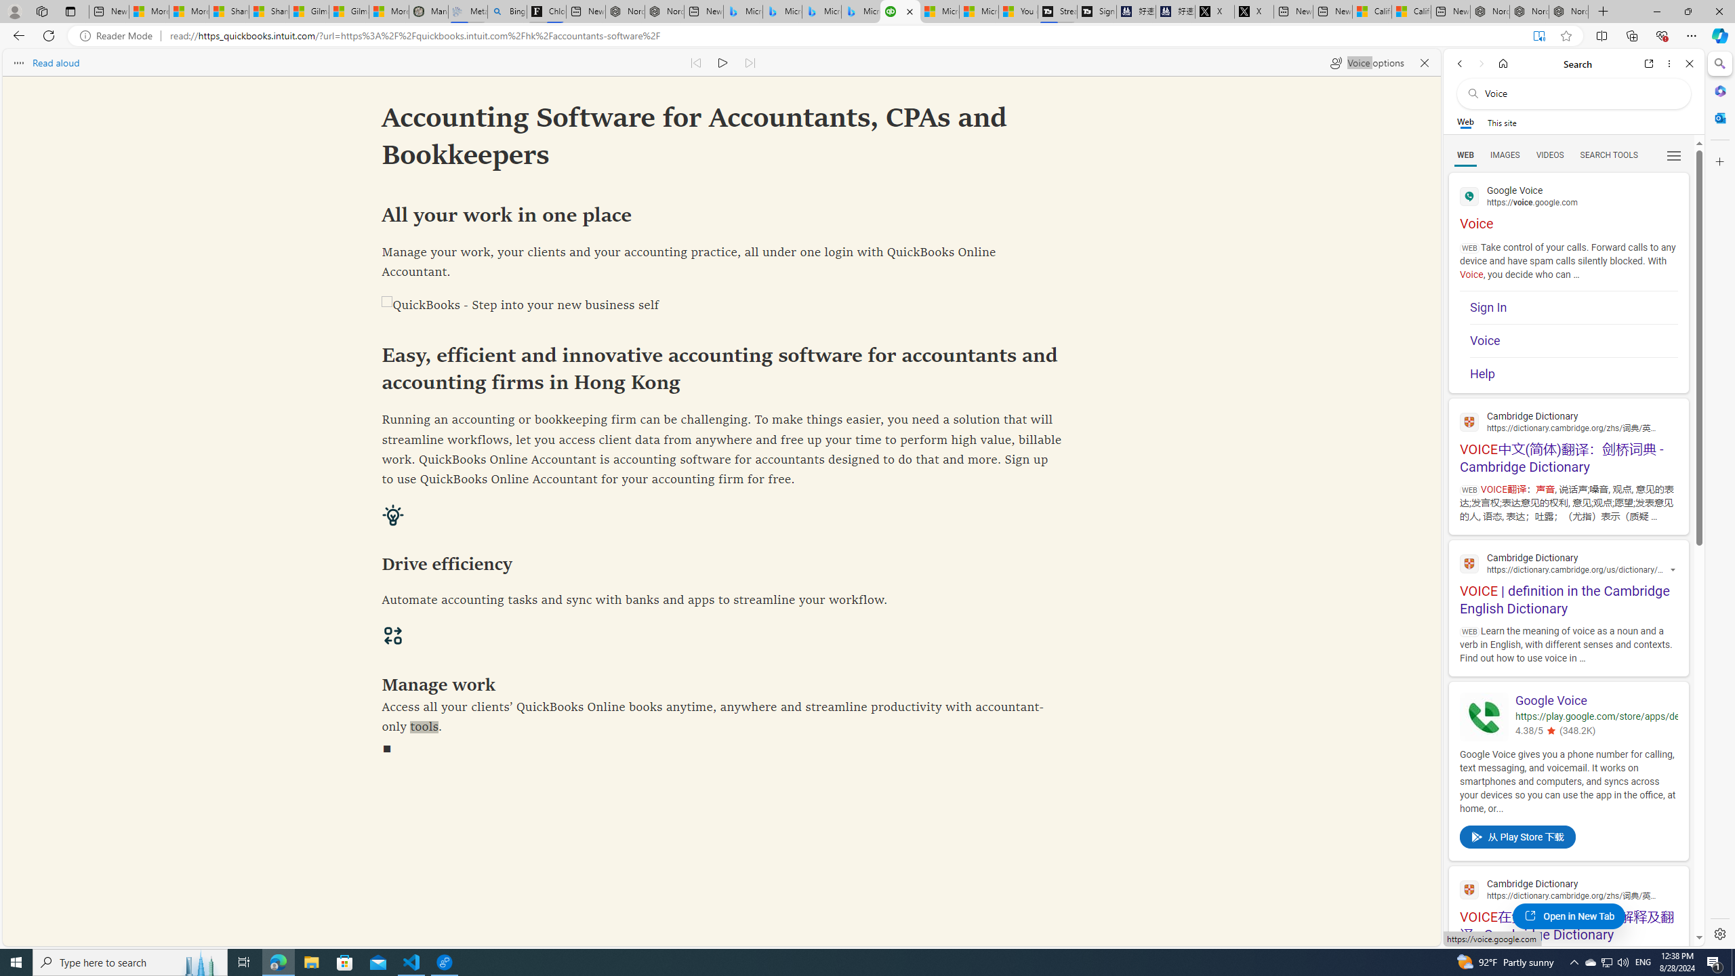  Describe the element at coordinates (1366, 62) in the screenshot. I see `'Voice options'` at that location.